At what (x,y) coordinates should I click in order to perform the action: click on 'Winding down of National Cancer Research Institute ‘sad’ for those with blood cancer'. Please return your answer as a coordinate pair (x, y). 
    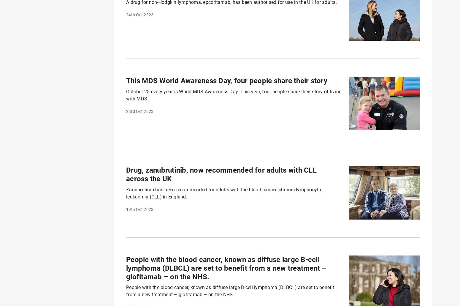
    Looking at the image, I should click on (225, 33).